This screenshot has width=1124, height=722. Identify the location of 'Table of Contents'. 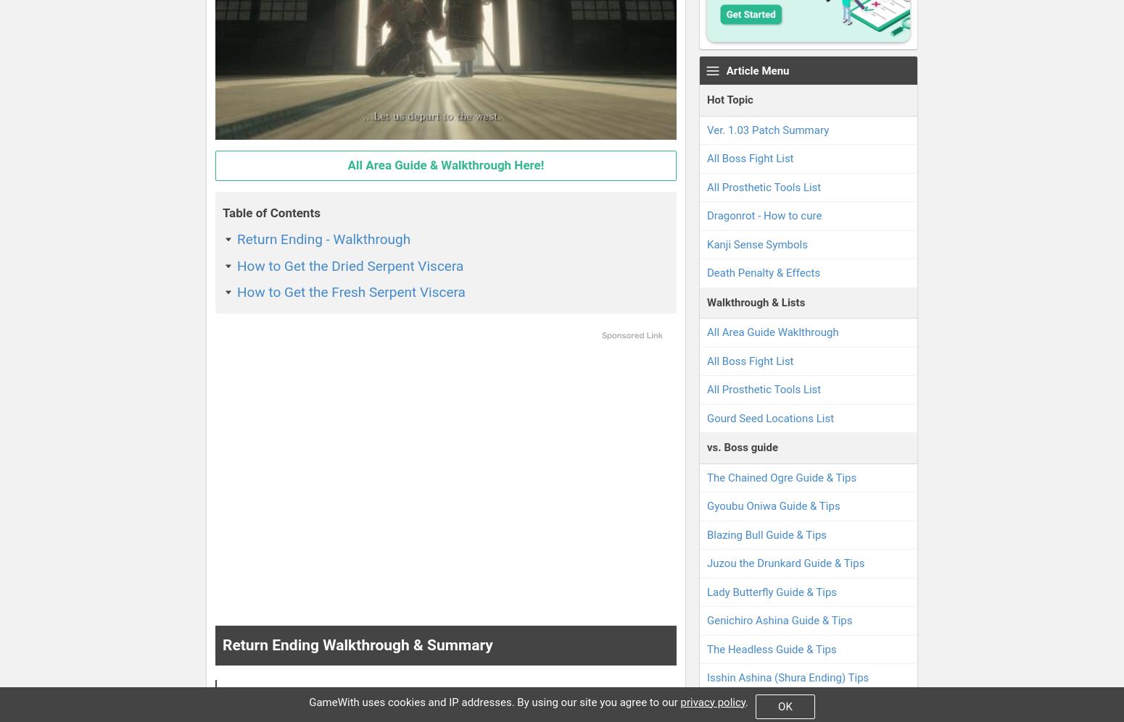
(223, 212).